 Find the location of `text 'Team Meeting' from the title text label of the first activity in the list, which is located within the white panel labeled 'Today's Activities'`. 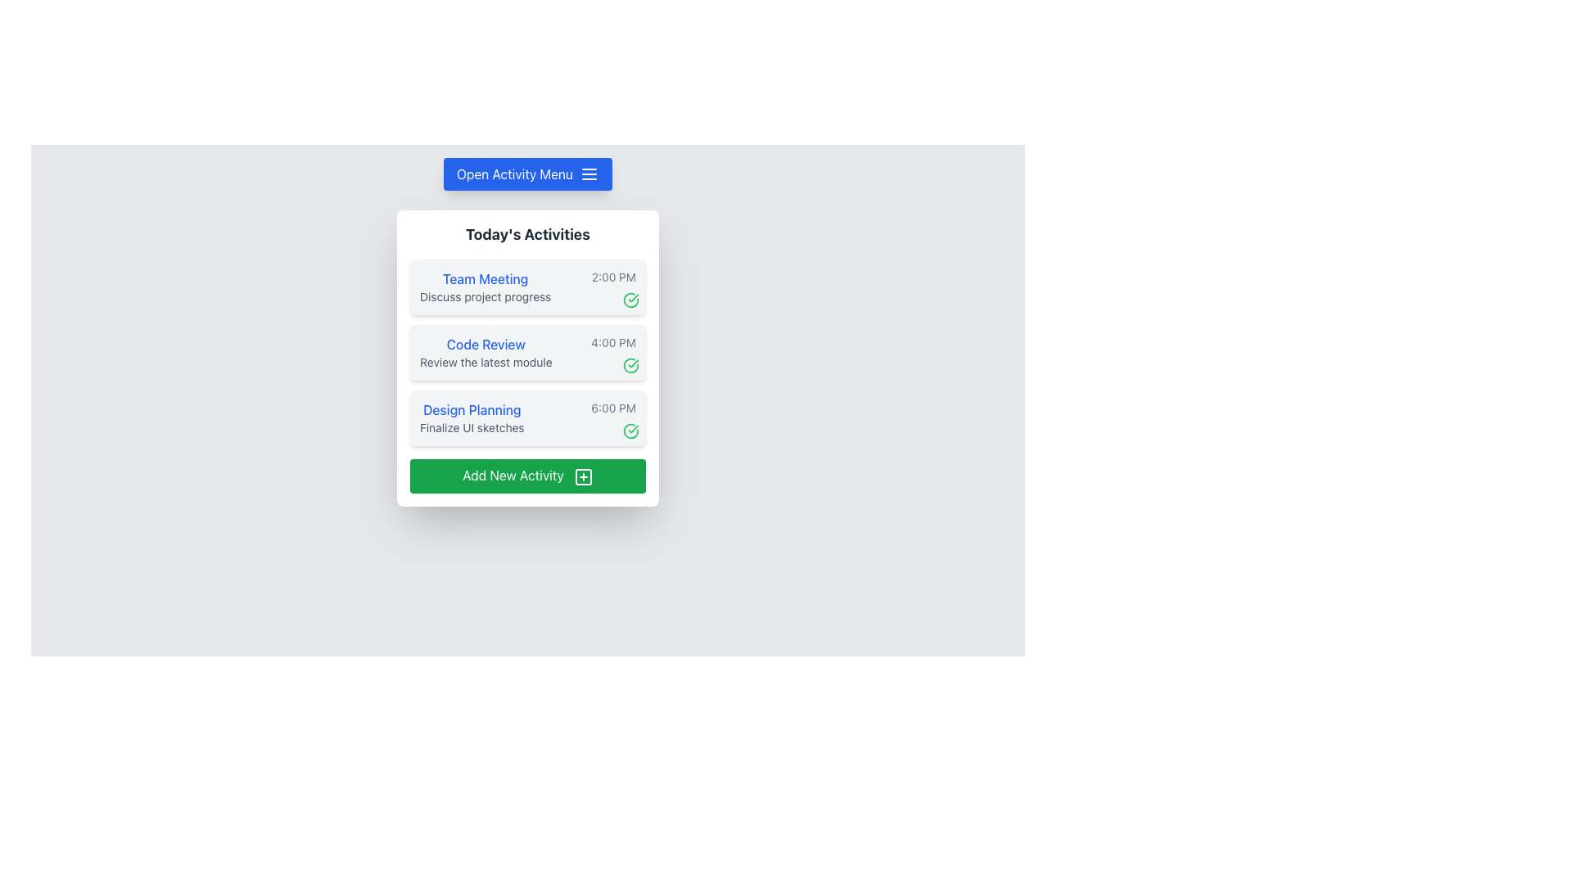

text 'Team Meeting' from the title text label of the first activity in the list, which is located within the white panel labeled 'Today's Activities' is located at coordinates (485, 277).